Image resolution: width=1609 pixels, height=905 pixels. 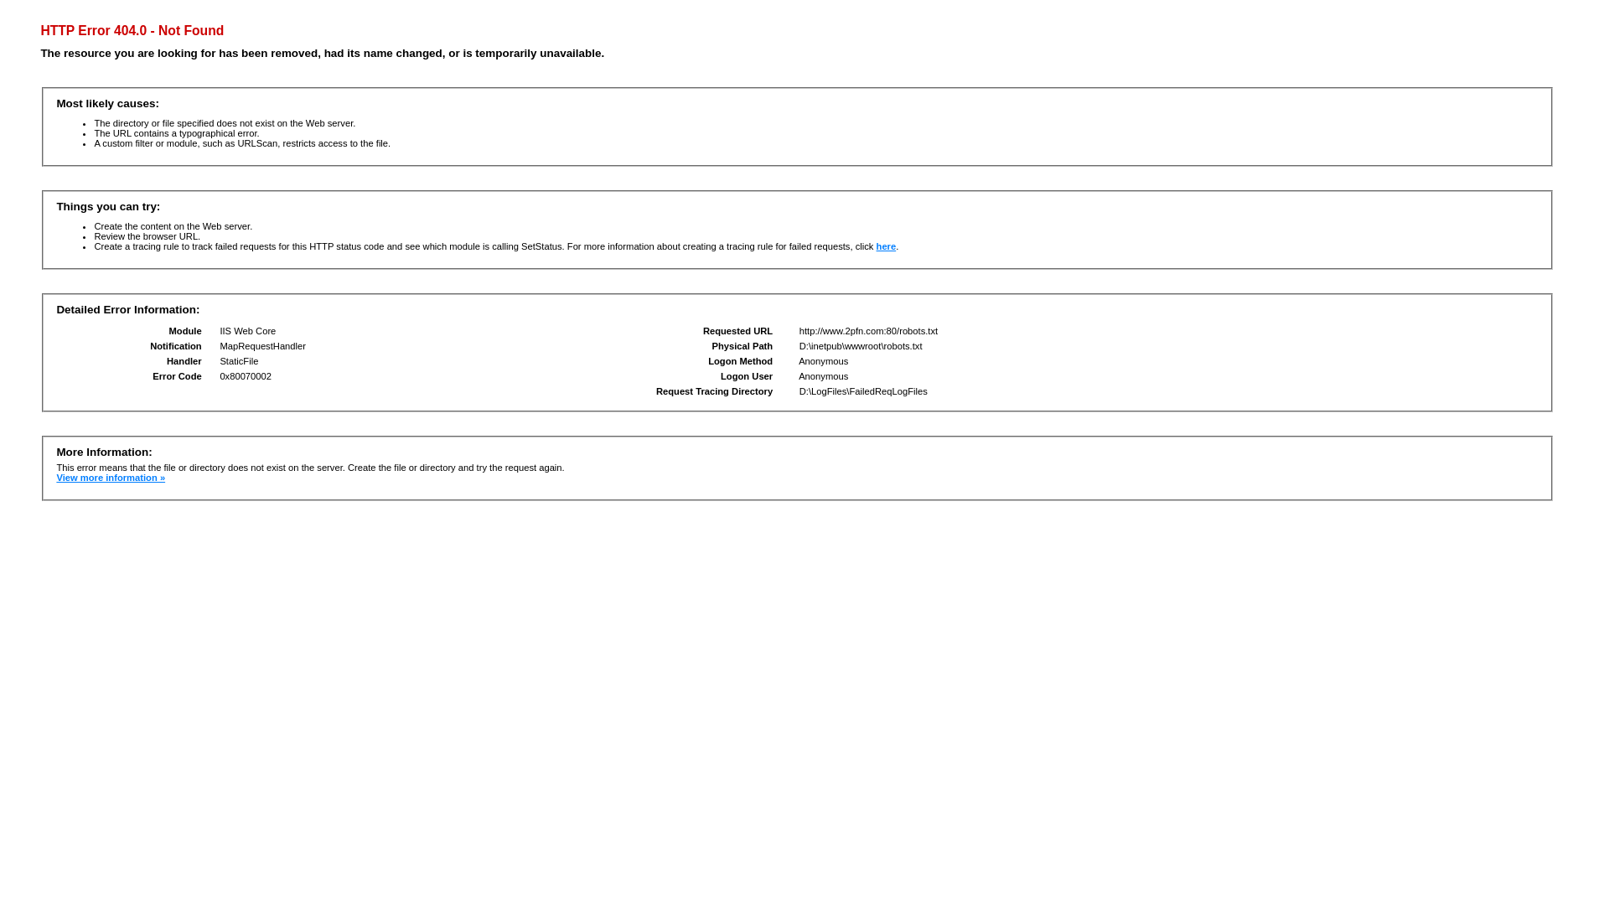 I want to click on 'here', so click(x=885, y=246).